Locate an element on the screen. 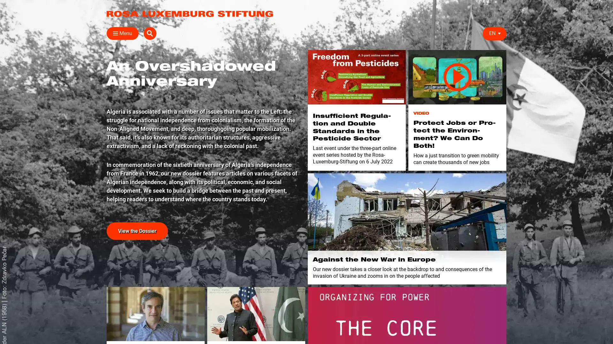 This screenshot has width=613, height=344. Search is located at coordinates (409, 48).